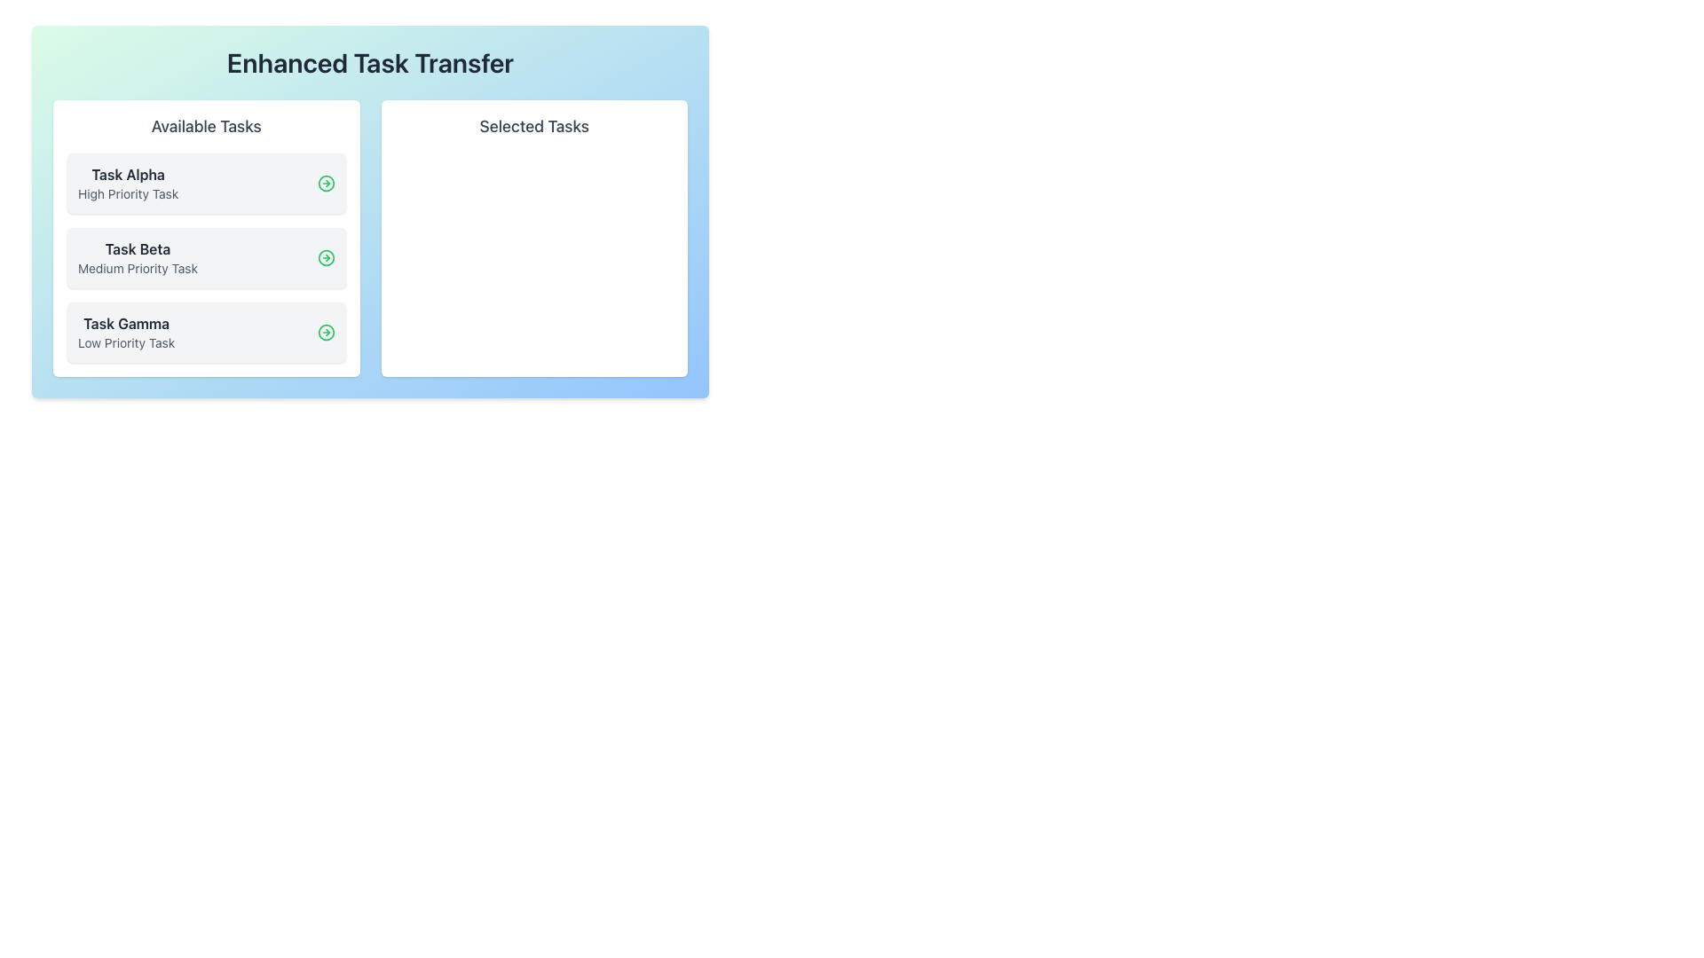 The height and width of the screenshot is (958, 1704). I want to click on the static text label displaying 'Selected Tasks' that is styled in a large, bold font with a gray color, located in the top section of a white panel, so click(533, 125).